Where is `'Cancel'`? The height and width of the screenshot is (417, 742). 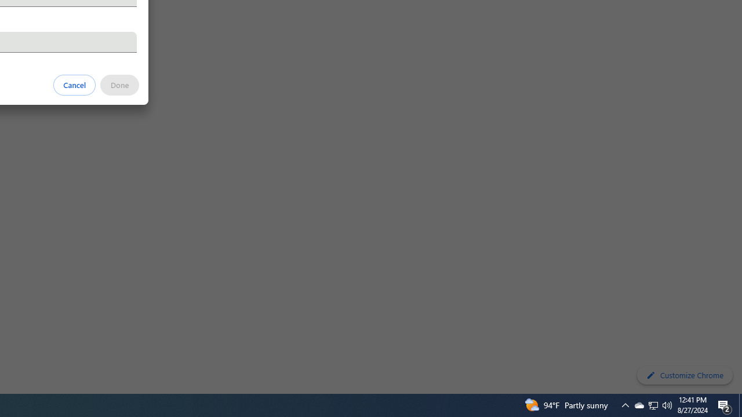
'Cancel' is located at coordinates (74, 84).